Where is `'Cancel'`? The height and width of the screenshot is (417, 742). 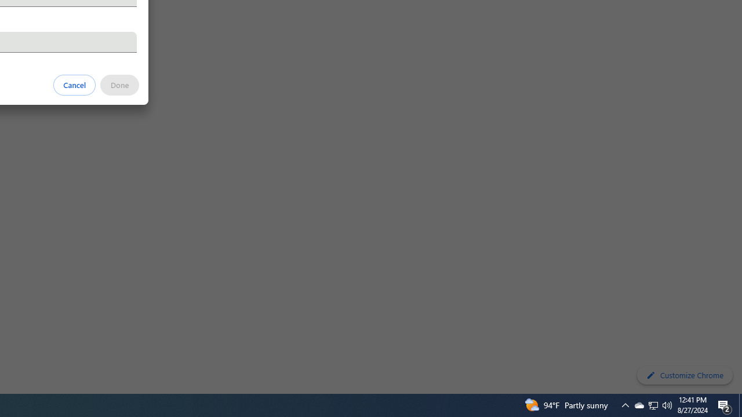
'Cancel' is located at coordinates (74, 84).